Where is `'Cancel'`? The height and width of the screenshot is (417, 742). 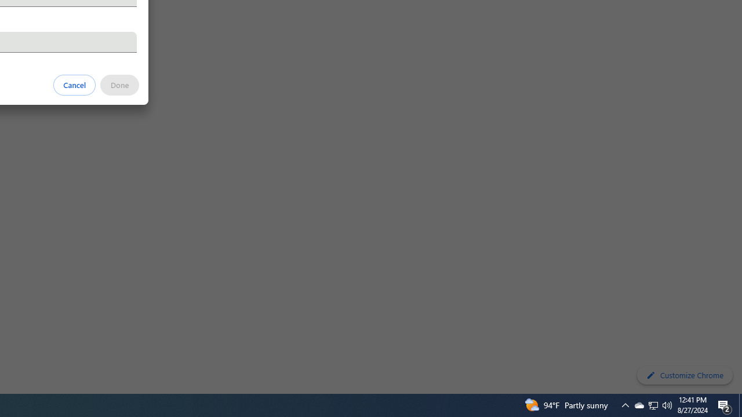
'Cancel' is located at coordinates (74, 84).